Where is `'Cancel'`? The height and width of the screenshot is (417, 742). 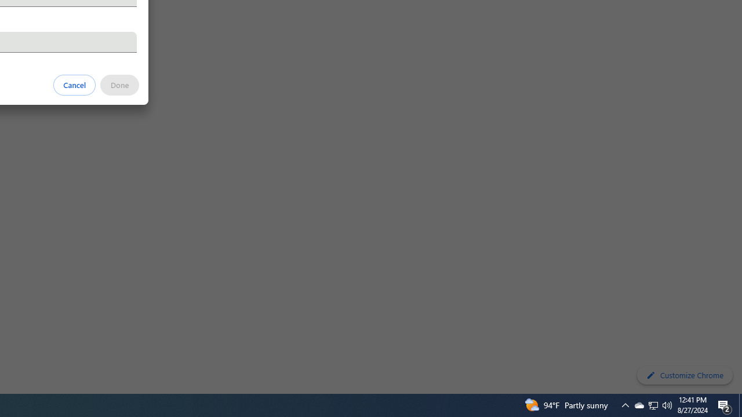
'Cancel' is located at coordinates (74, 84).